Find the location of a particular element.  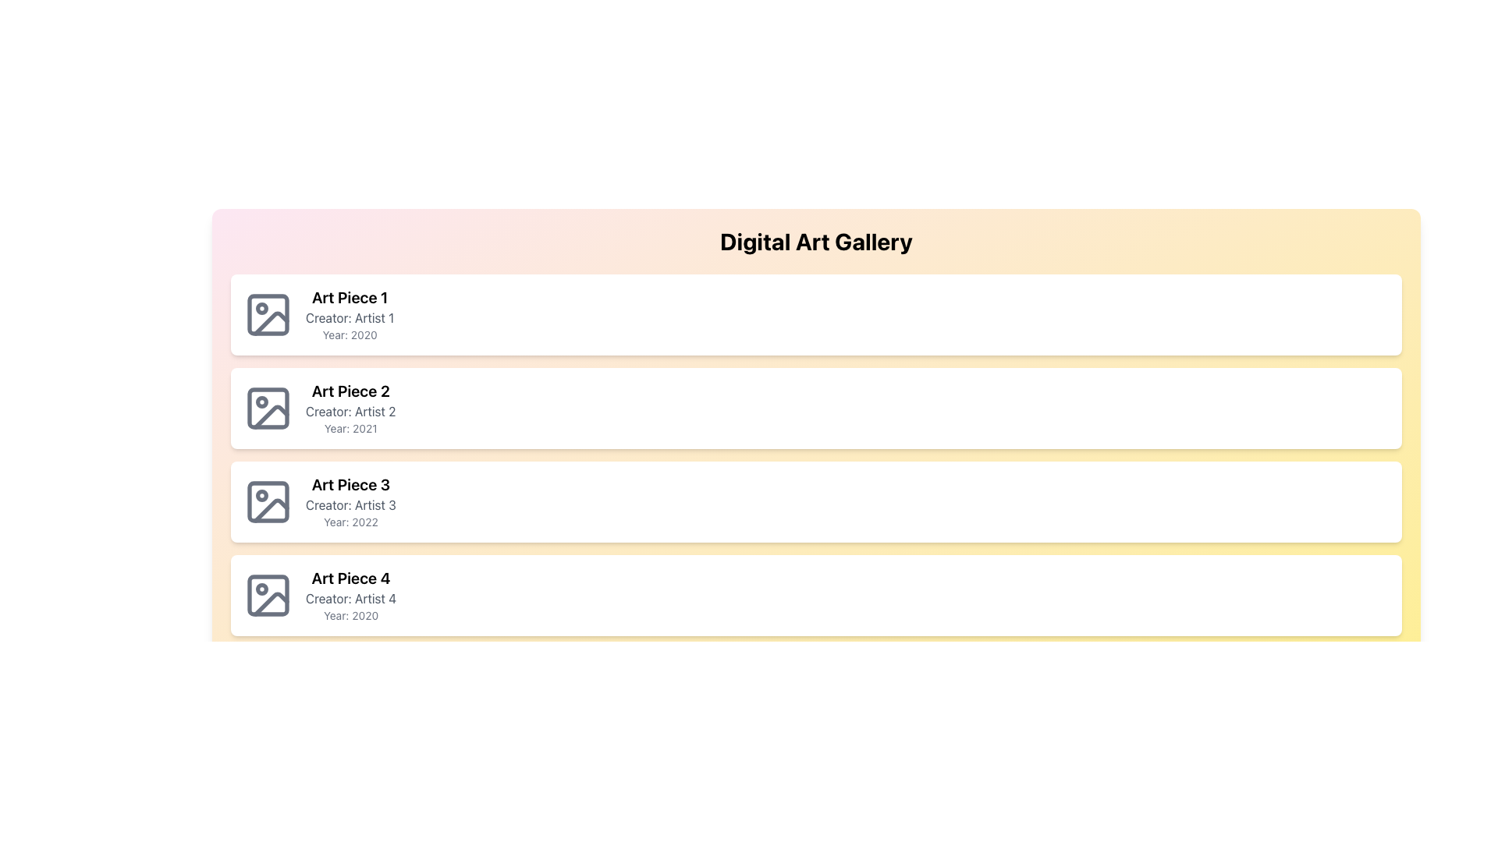

text element displaying 'Creator: Artist 2', which is positioned below the title 'Art Piece 2' and above 'Year: 2021' is located at coordinates (350, 411).